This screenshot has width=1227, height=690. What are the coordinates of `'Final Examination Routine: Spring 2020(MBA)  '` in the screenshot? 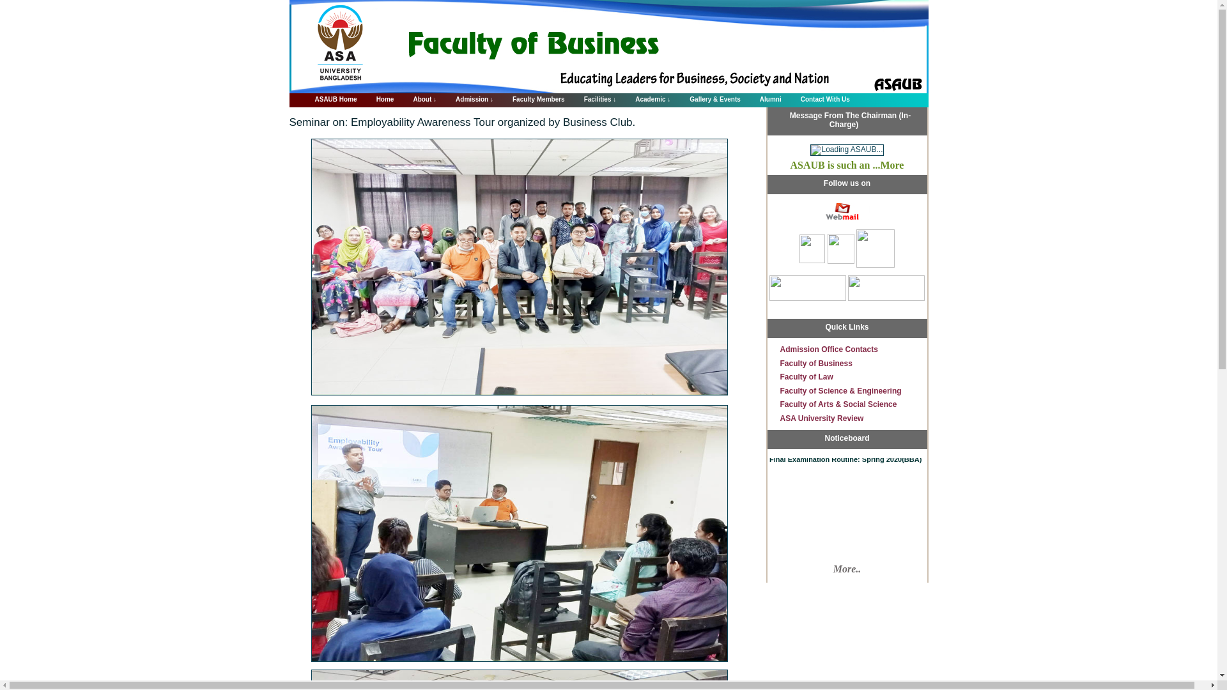 It's located at (767, 441).